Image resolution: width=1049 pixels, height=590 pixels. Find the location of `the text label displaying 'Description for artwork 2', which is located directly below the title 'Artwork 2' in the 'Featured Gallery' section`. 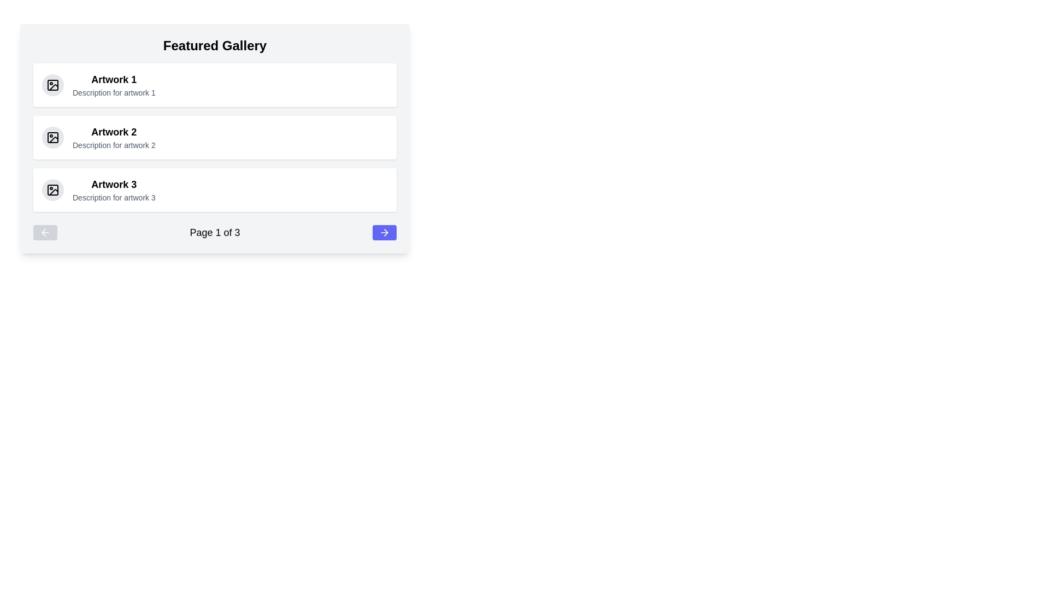

the text label displaying 'Description for artwork 2', which is located directly below the title 'Artwork 2' in the 'Featured Gallery' section is located at coordinates (114, 145).